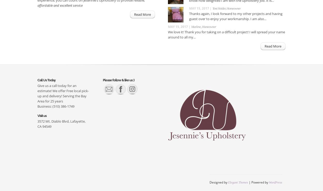 Image resolution: width=323 pixels, height=191 pixels. What do you see at coordinates (238, 182) in the screenshot?
I see `'Elegant Themes'` at bounding box center [238, 182].